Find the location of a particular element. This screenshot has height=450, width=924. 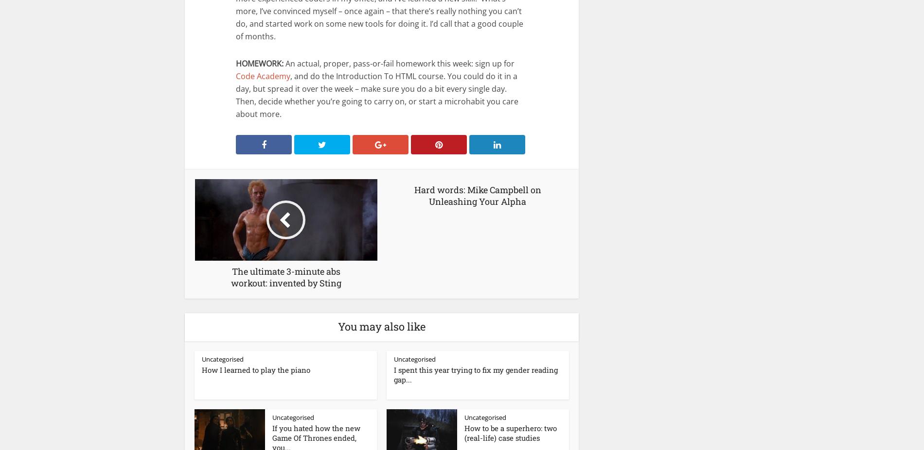

'How to be a superhero: two (real-life) case studies' is located at coordinates (510, 433).